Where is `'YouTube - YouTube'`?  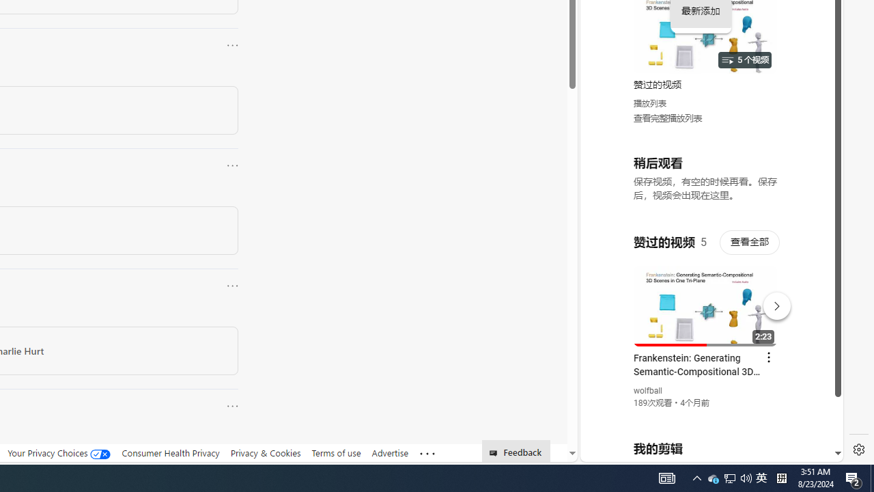 'YouTube - YouTube' is located at coordinates (706, 181).